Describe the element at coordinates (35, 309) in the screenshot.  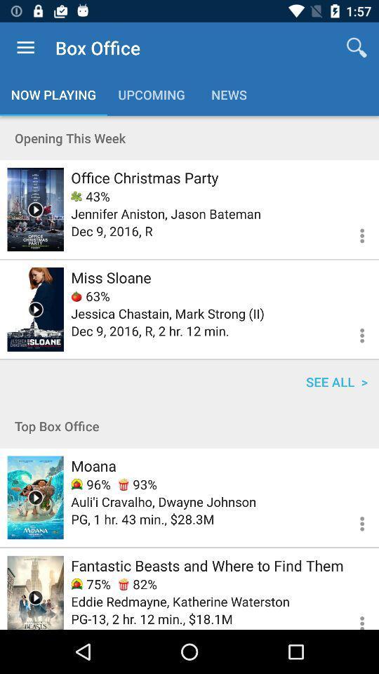
I see `shows infomation about movie` at that location.